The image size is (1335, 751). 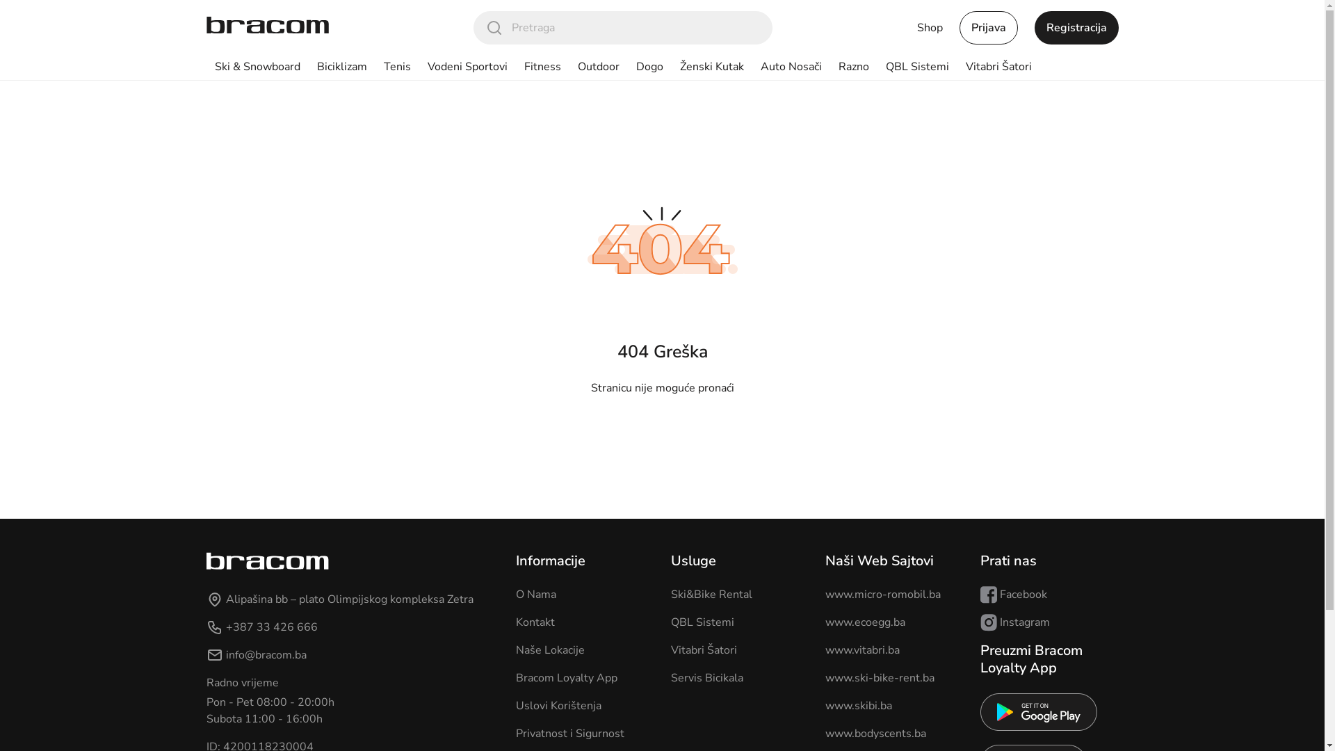 What do you see at coordinates (980, 595) in the screenshot?
I see `'Facebook'` at bounding box center [980, 595].